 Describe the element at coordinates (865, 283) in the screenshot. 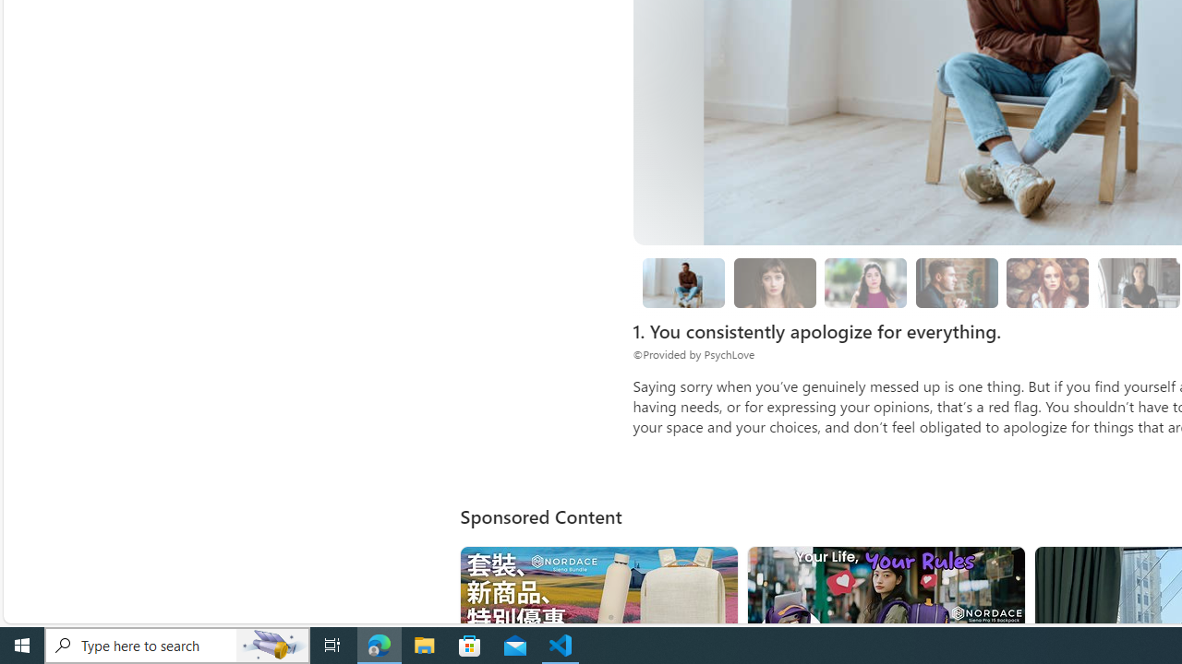

I see `'4. You can name and understand your feelings.'` at that location.